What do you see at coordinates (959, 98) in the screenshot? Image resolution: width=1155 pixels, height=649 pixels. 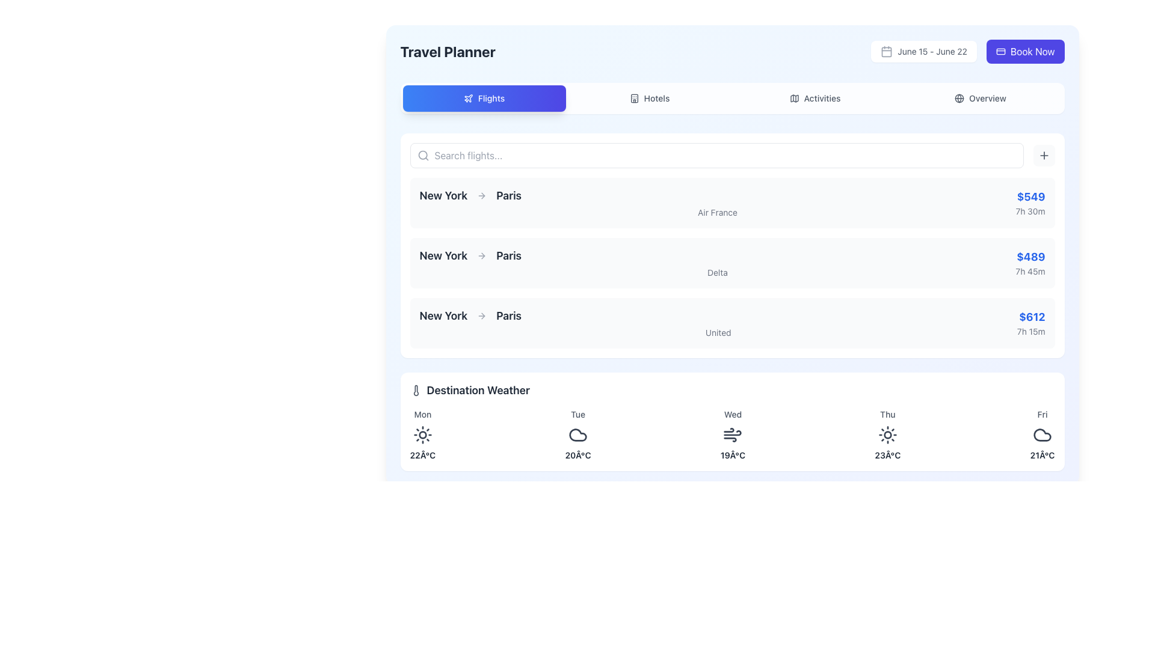 I see `the circular globe icon located in the 'Overview' tab, positioned to the left of the tab's label text` at bounding box center [959, 98].